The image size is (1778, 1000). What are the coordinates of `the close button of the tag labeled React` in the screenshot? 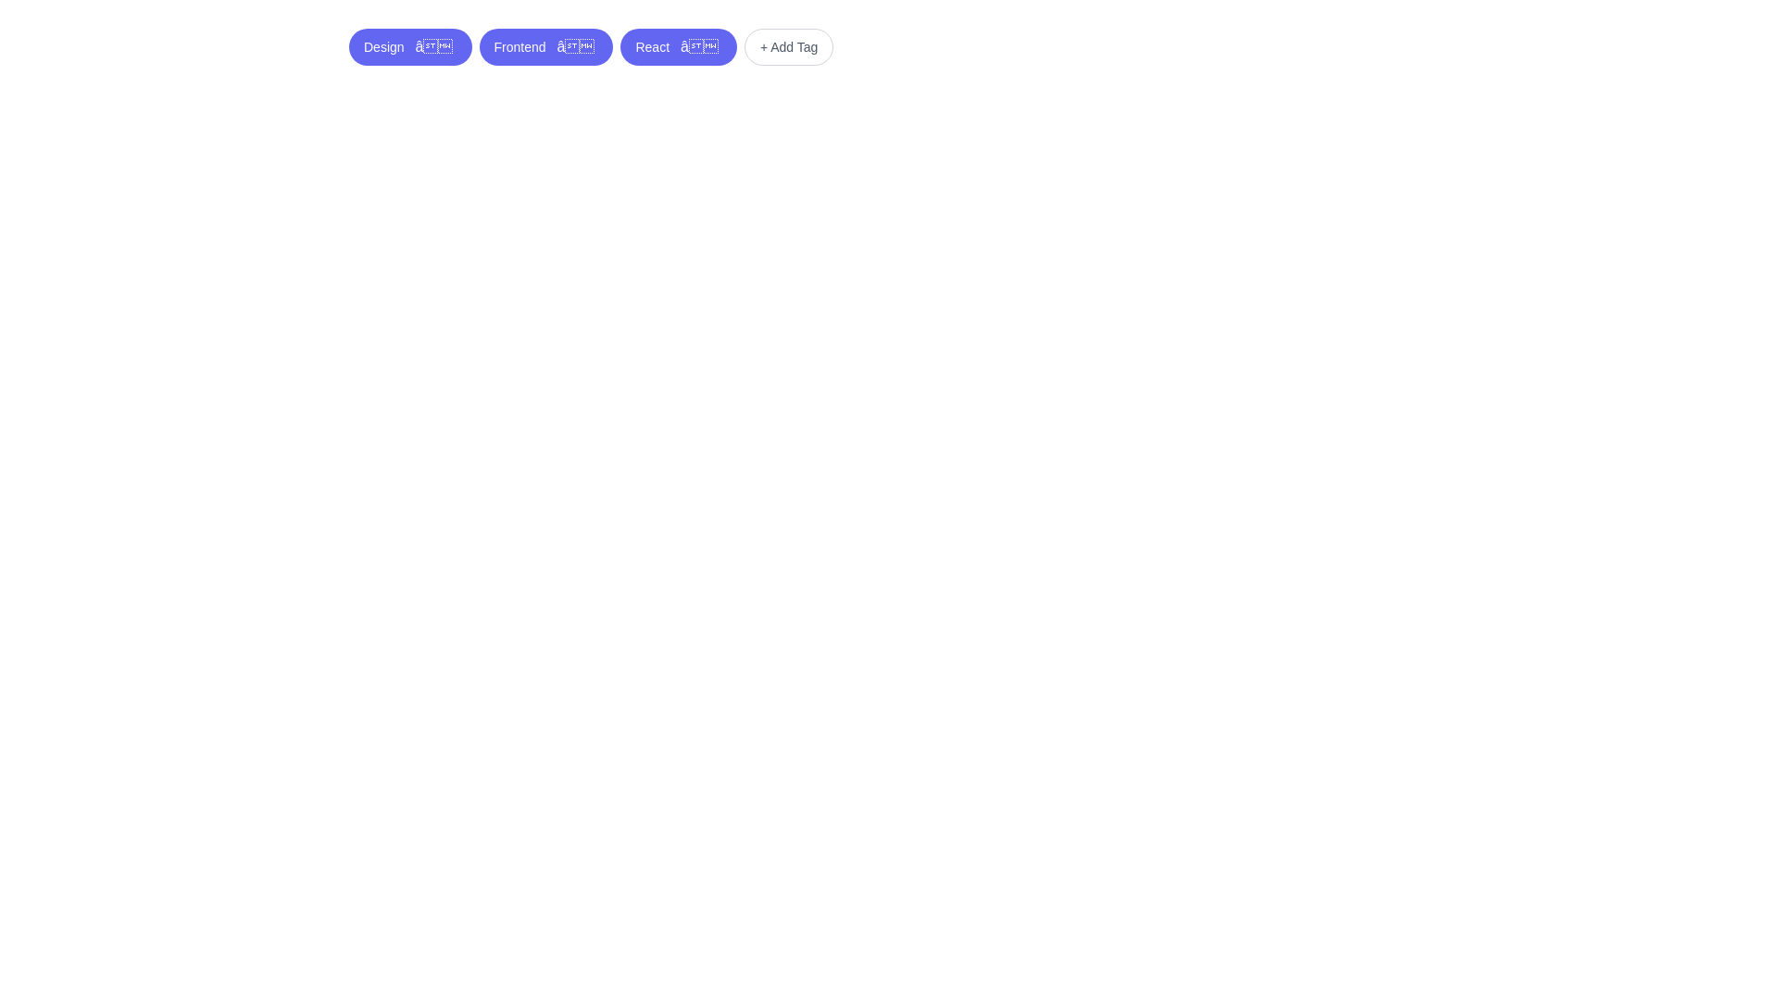 It's located at (697, 45).